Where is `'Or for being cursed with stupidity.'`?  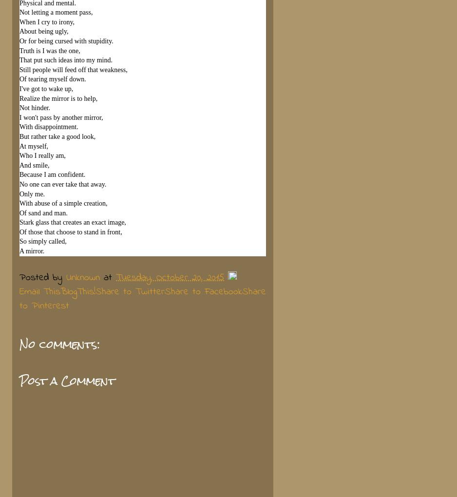 'Or for being cursed with stupidity.' is located at coordinates (66, 41).